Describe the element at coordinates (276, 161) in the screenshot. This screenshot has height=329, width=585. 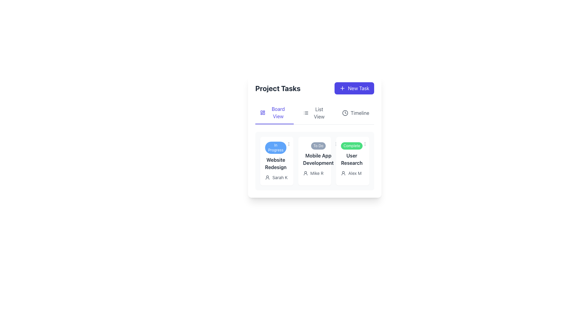
I see `the leftmost card displaying 'Website Redesign' with the 'In Progress' badge` at that location.